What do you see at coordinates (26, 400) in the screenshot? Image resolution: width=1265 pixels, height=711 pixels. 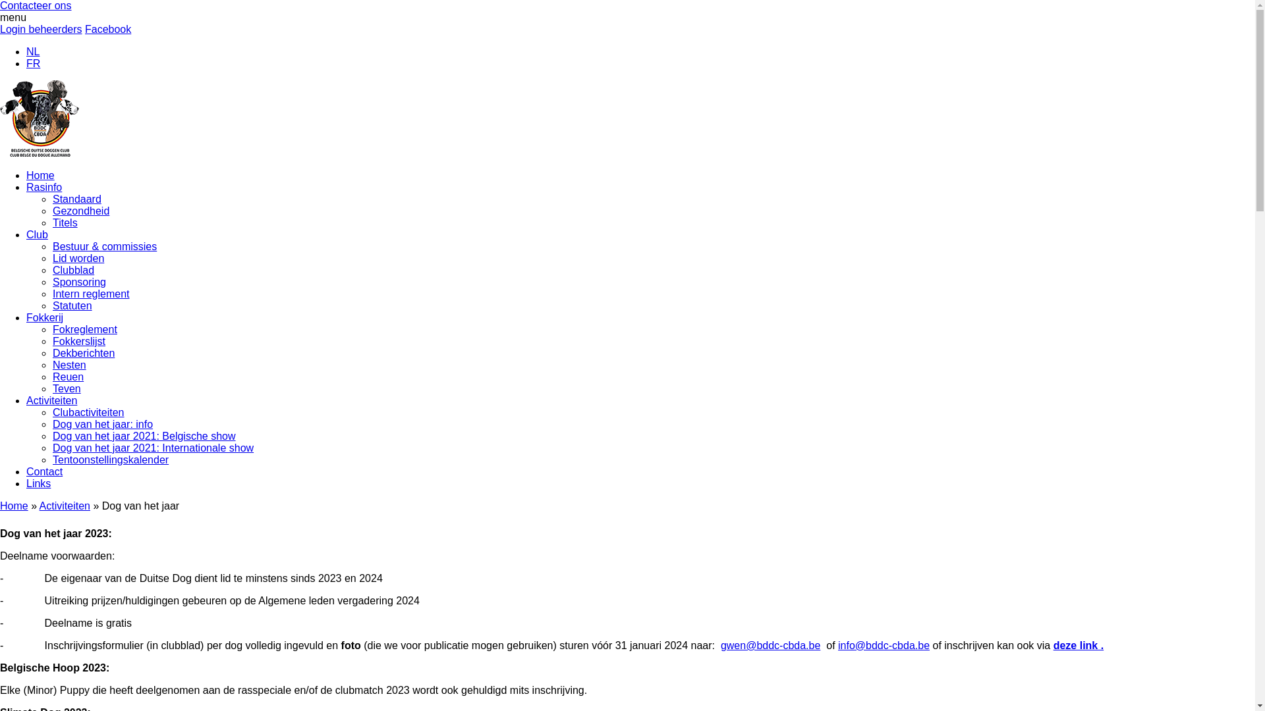 I see `'Activiteiten'` at bounding box center [26, 400].